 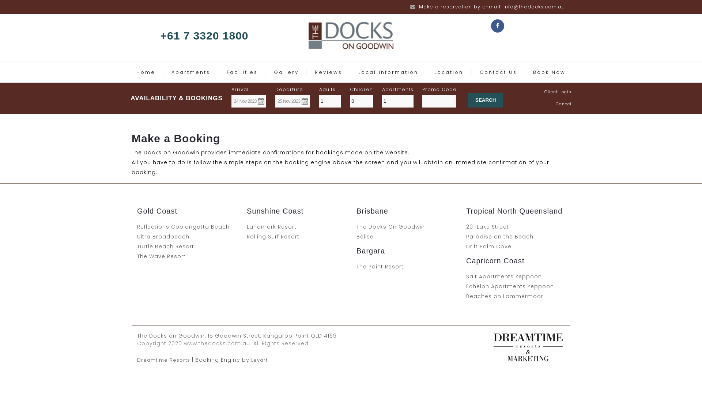 I want to click on 'Reflections Coolangatta Beach', so click(x=183, y=226).